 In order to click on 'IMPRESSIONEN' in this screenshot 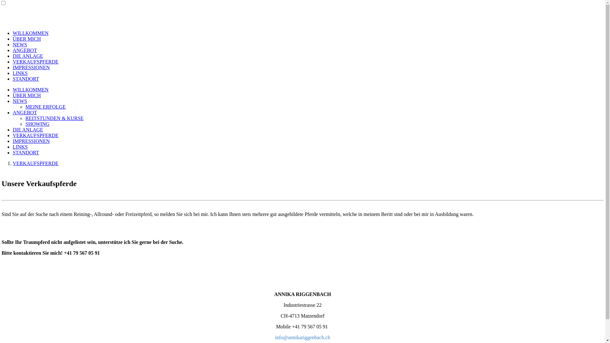, I will do `click(30, 67)`.